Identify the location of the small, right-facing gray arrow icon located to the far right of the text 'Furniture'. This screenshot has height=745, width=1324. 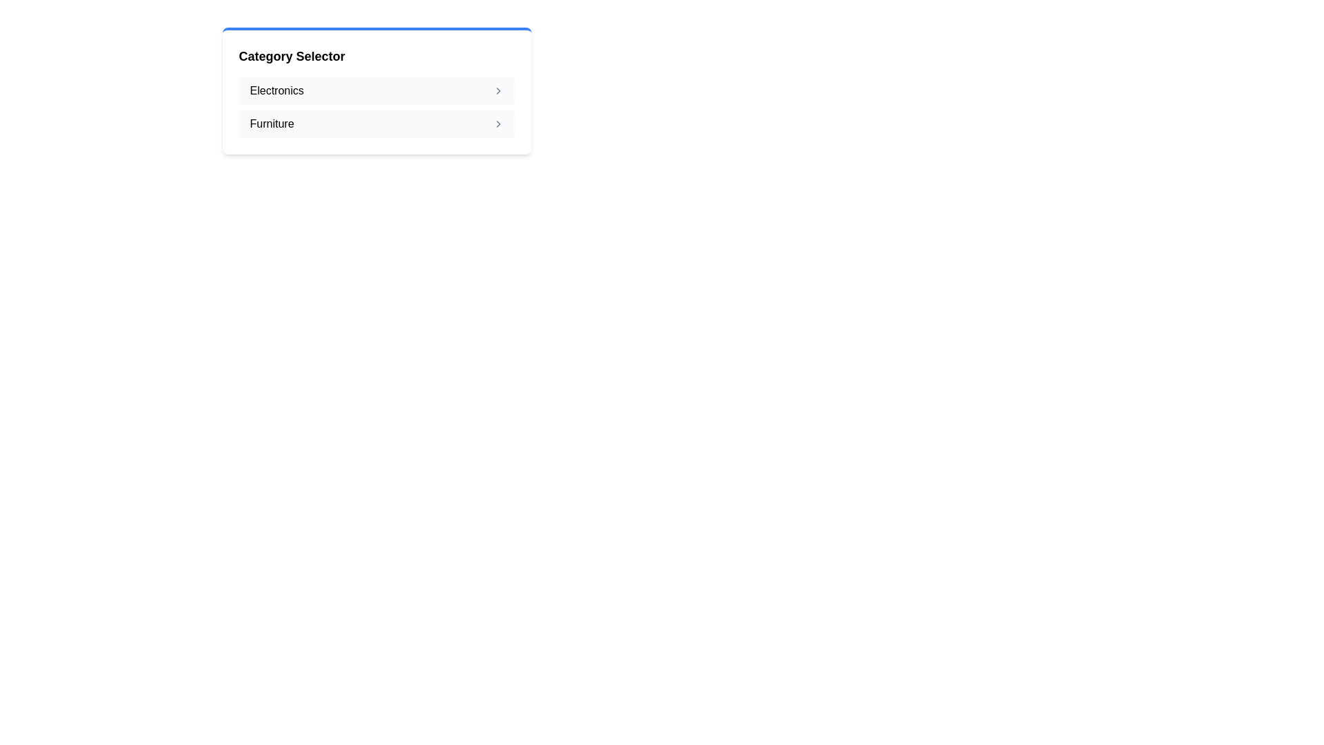
(497, 124).